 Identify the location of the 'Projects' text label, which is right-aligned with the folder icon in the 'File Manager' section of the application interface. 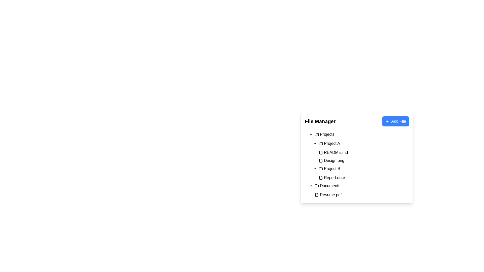
(324, 134).